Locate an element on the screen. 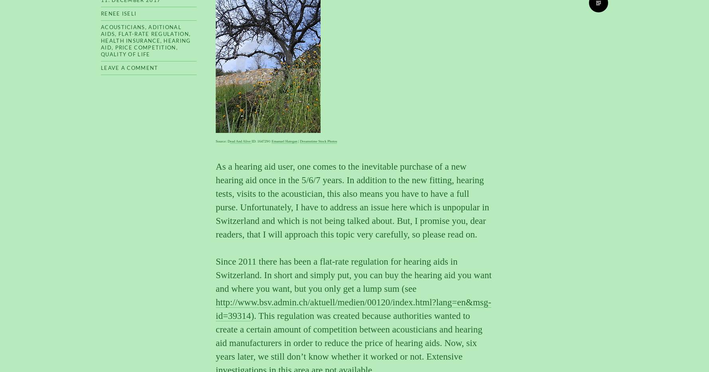 The height and width of the screenshot is (372, 709). 'Since 2011 there has been a flat-rate regulation for hearing aids in Switzerland. In short and simply put, you can buy the hearing aid you want and where you want, but you only get a lump sum (see' is located at coordinates (353, 275).